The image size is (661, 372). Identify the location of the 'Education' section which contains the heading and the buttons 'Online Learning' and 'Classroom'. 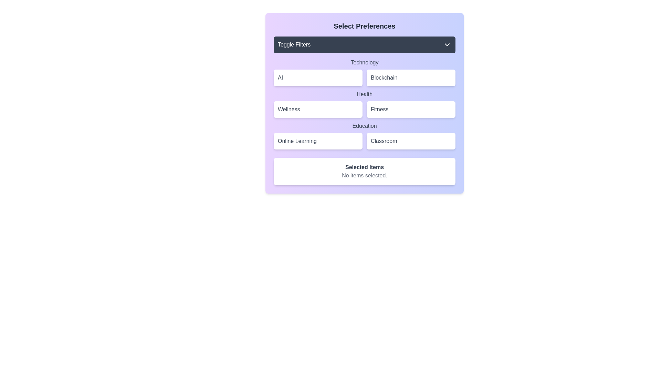
(364, 135).